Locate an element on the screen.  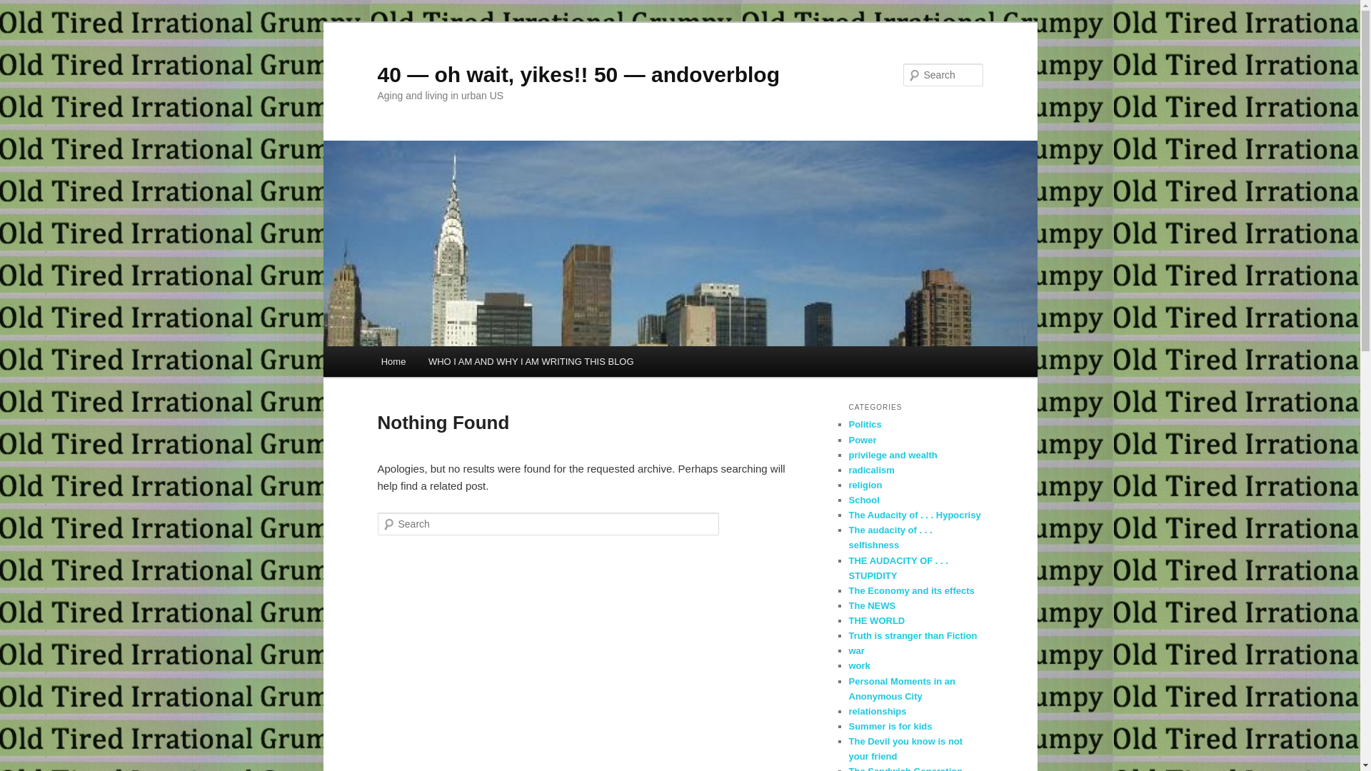
'Search' is located at coordinates (23, 8).